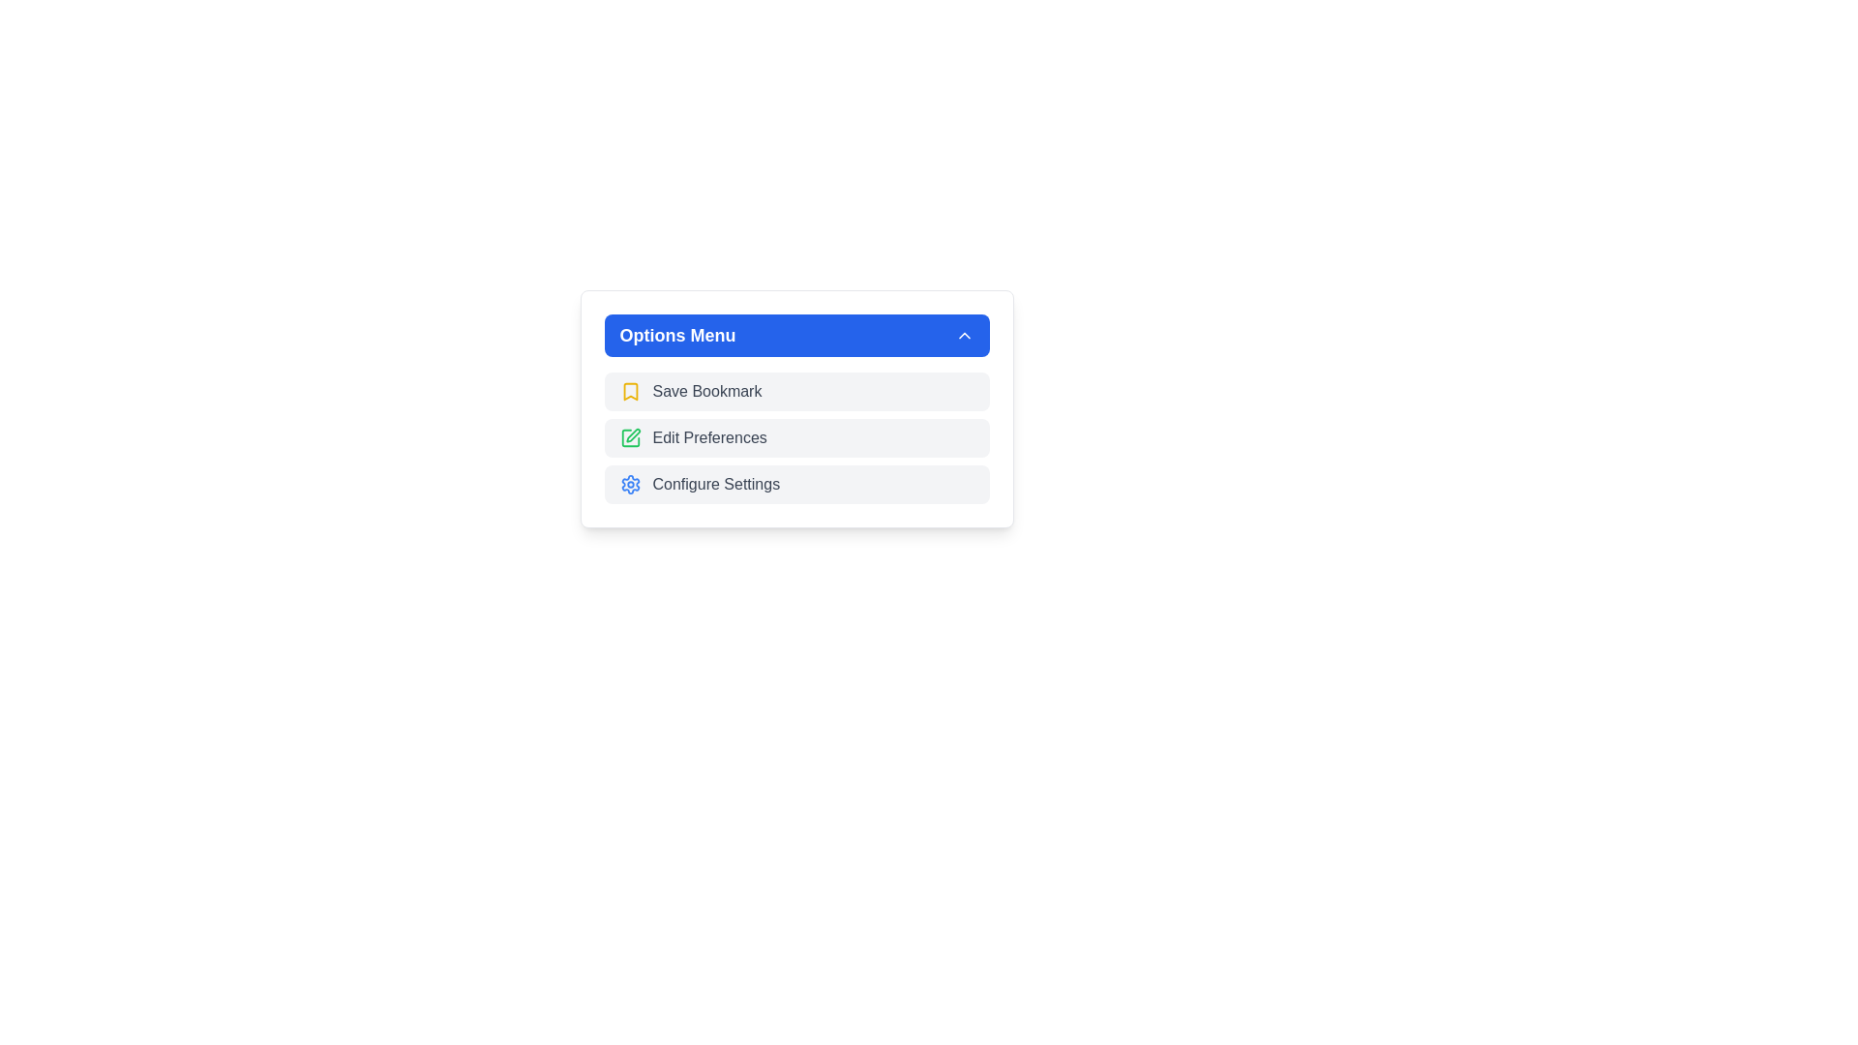 The width and height of the screenshot is (1858, 1045). Describe the element at coordinates (630, 484) in the screenshot. I see `the gear-shaped settings icon, which is located to the left of the 'Configure Settings' text in the bottom-most item of a vertical list of options` at that location.